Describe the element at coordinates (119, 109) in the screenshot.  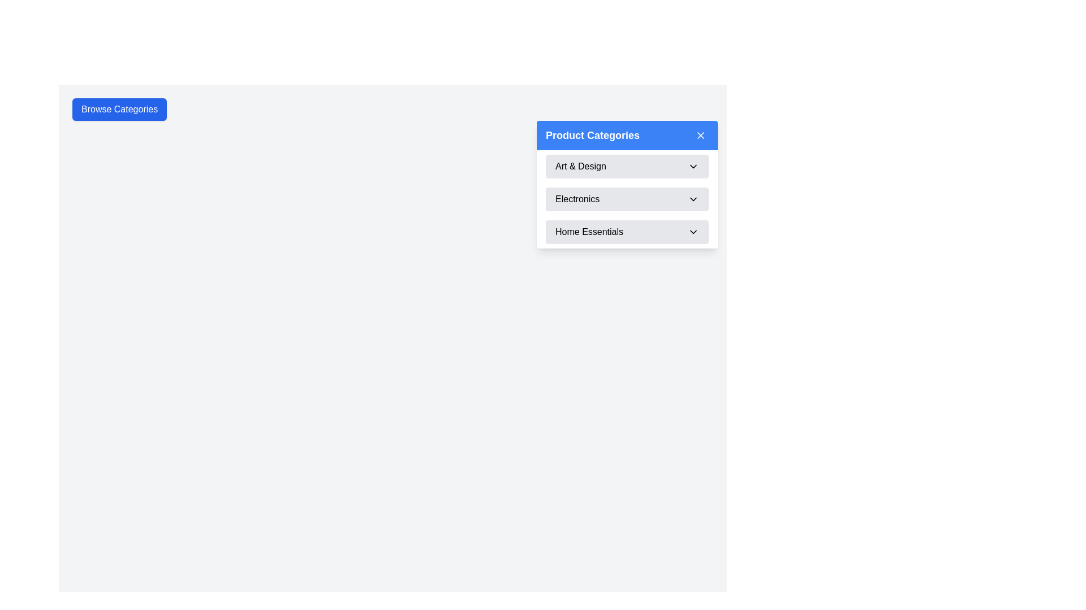
I see `the 'Browse Categories' button` at that location.